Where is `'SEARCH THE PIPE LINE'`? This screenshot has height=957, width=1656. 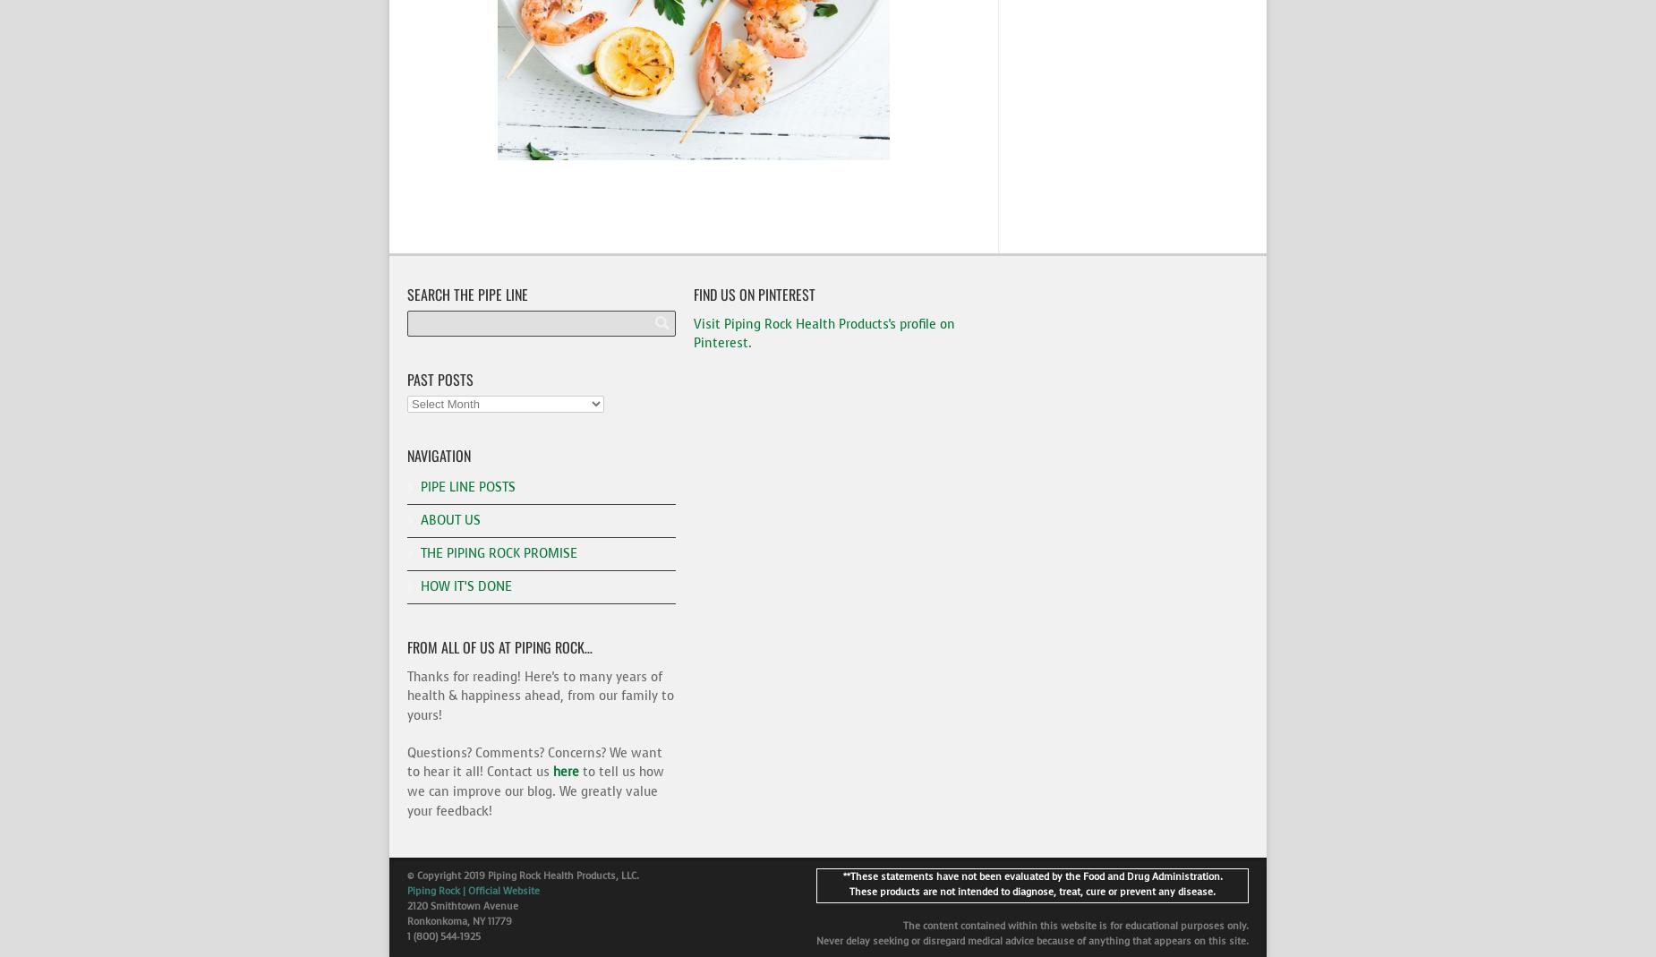 'SEARCH THE PIPE LINE' is located at coordinates (467, 293).